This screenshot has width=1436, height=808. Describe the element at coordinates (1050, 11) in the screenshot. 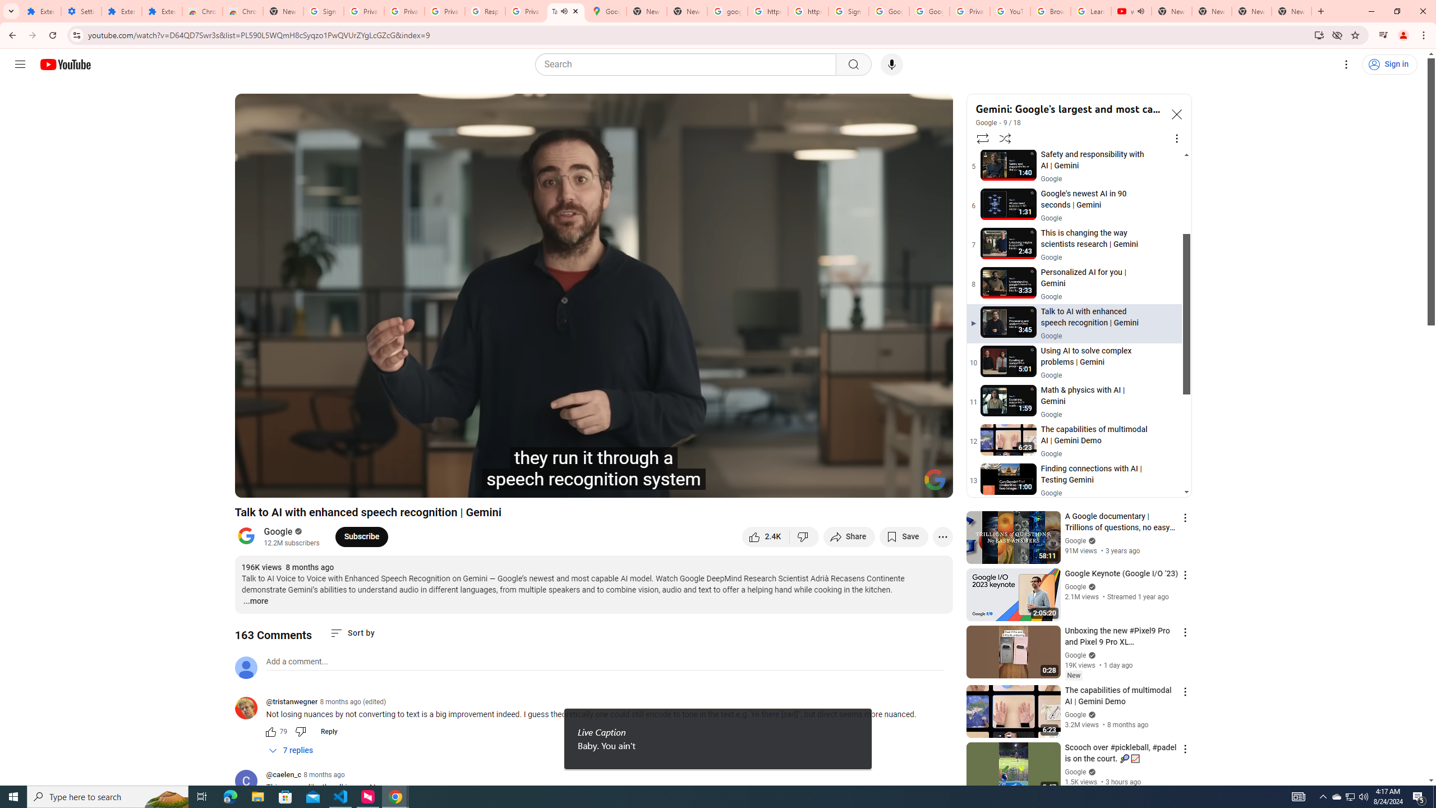

I see `'Browse Chrome as a guest - Computer - Google Chrome Help'` at that location.